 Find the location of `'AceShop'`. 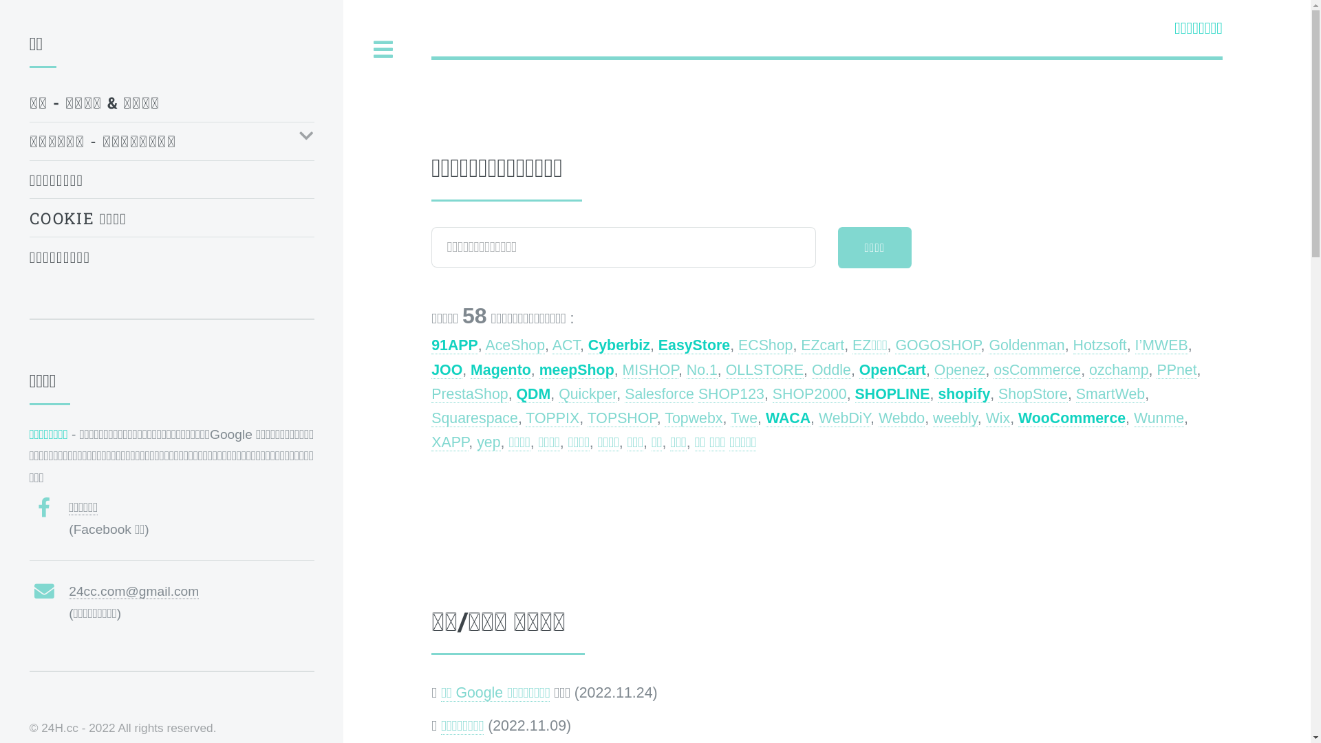

'AceShop' is located at coordinates (485, 345).